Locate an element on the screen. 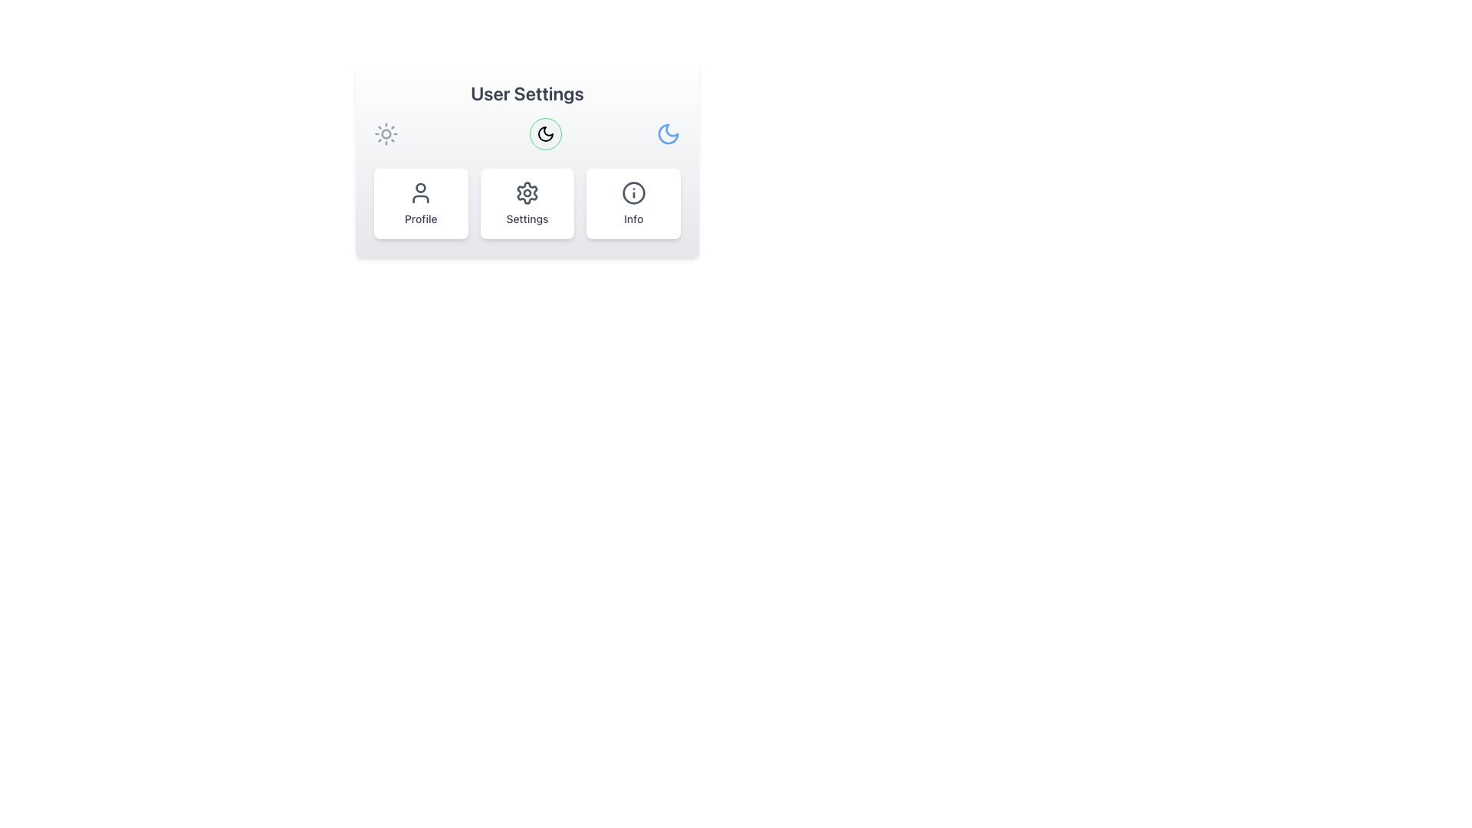 This screenshot has width=1472, height=828. the filled circular element located at the center of the sun-shaped icon in the top-left of the interface is located at coordinates (386, 133).